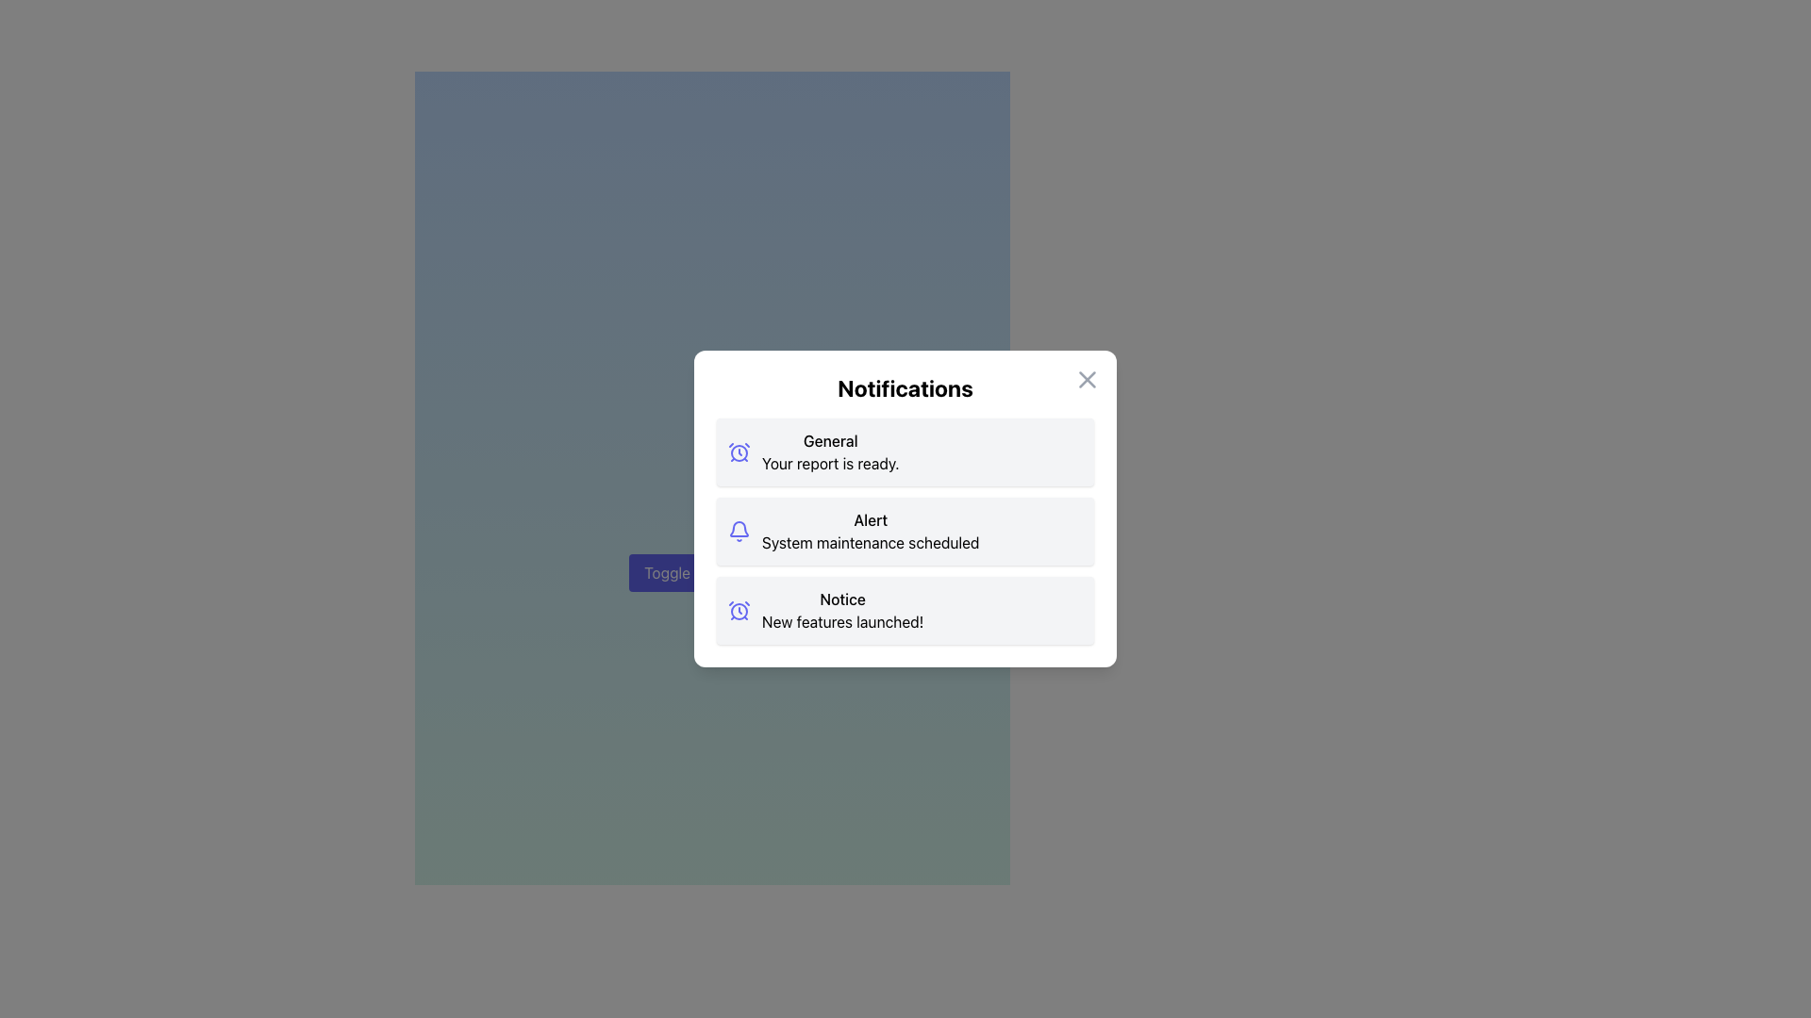 The height and width of the screenshot is (1018, 1811). Describe the element at coordinates (870, 531) in the screenshot. I see `notification title and description of the static text display about the system maintenance event, which is the second item in the vertical list of notifications within the notification dialog` at that location.